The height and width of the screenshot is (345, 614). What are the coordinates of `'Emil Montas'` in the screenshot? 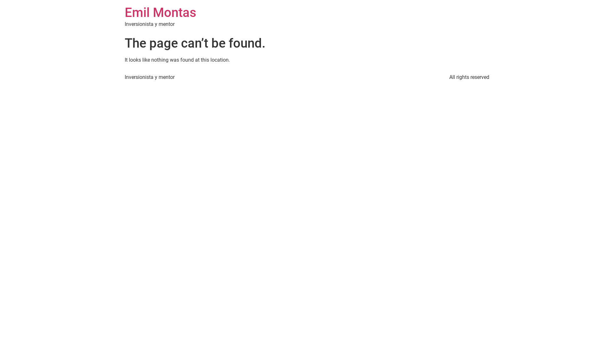 It's located at (161, 12).